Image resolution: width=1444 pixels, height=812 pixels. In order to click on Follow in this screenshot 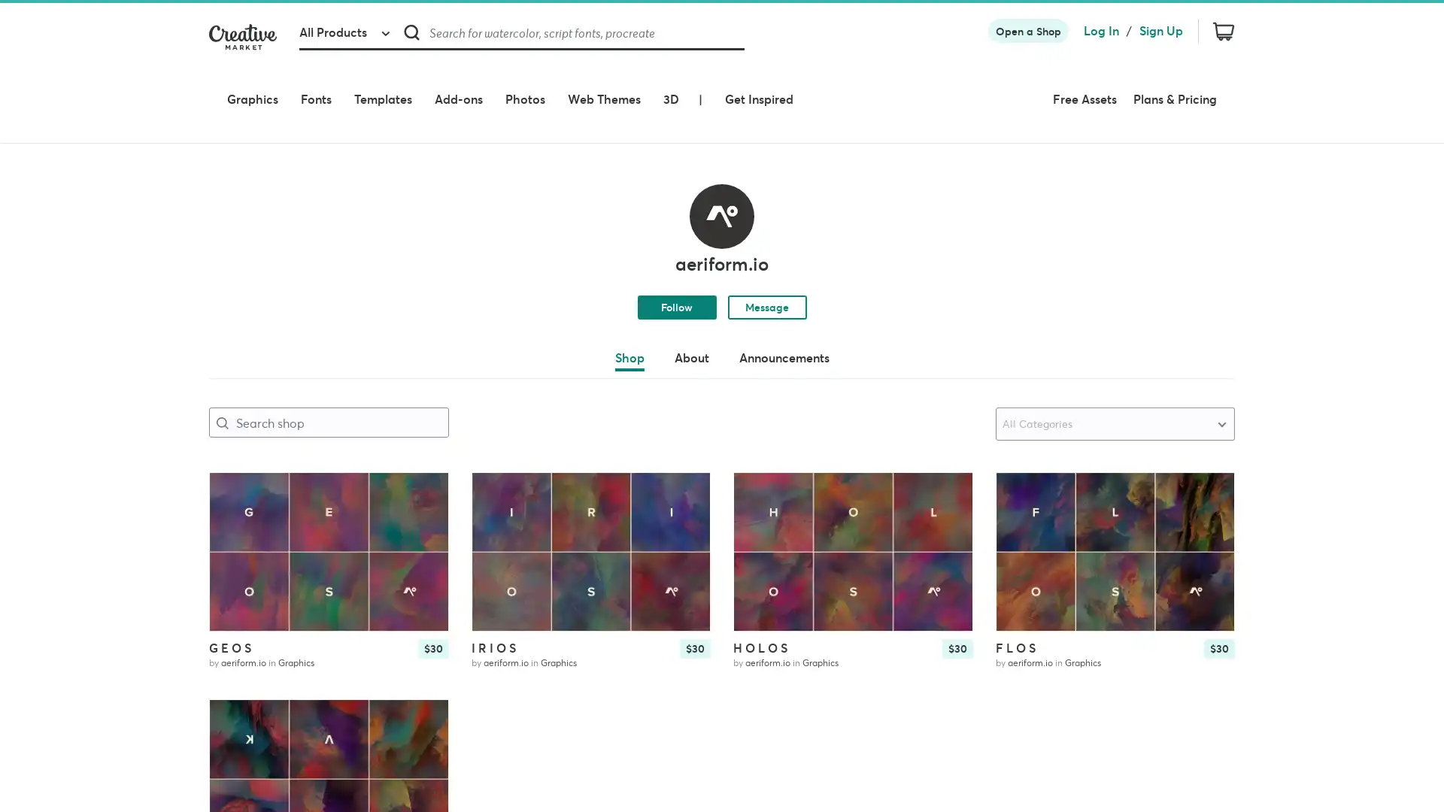, I will do `click(675, 252)`.